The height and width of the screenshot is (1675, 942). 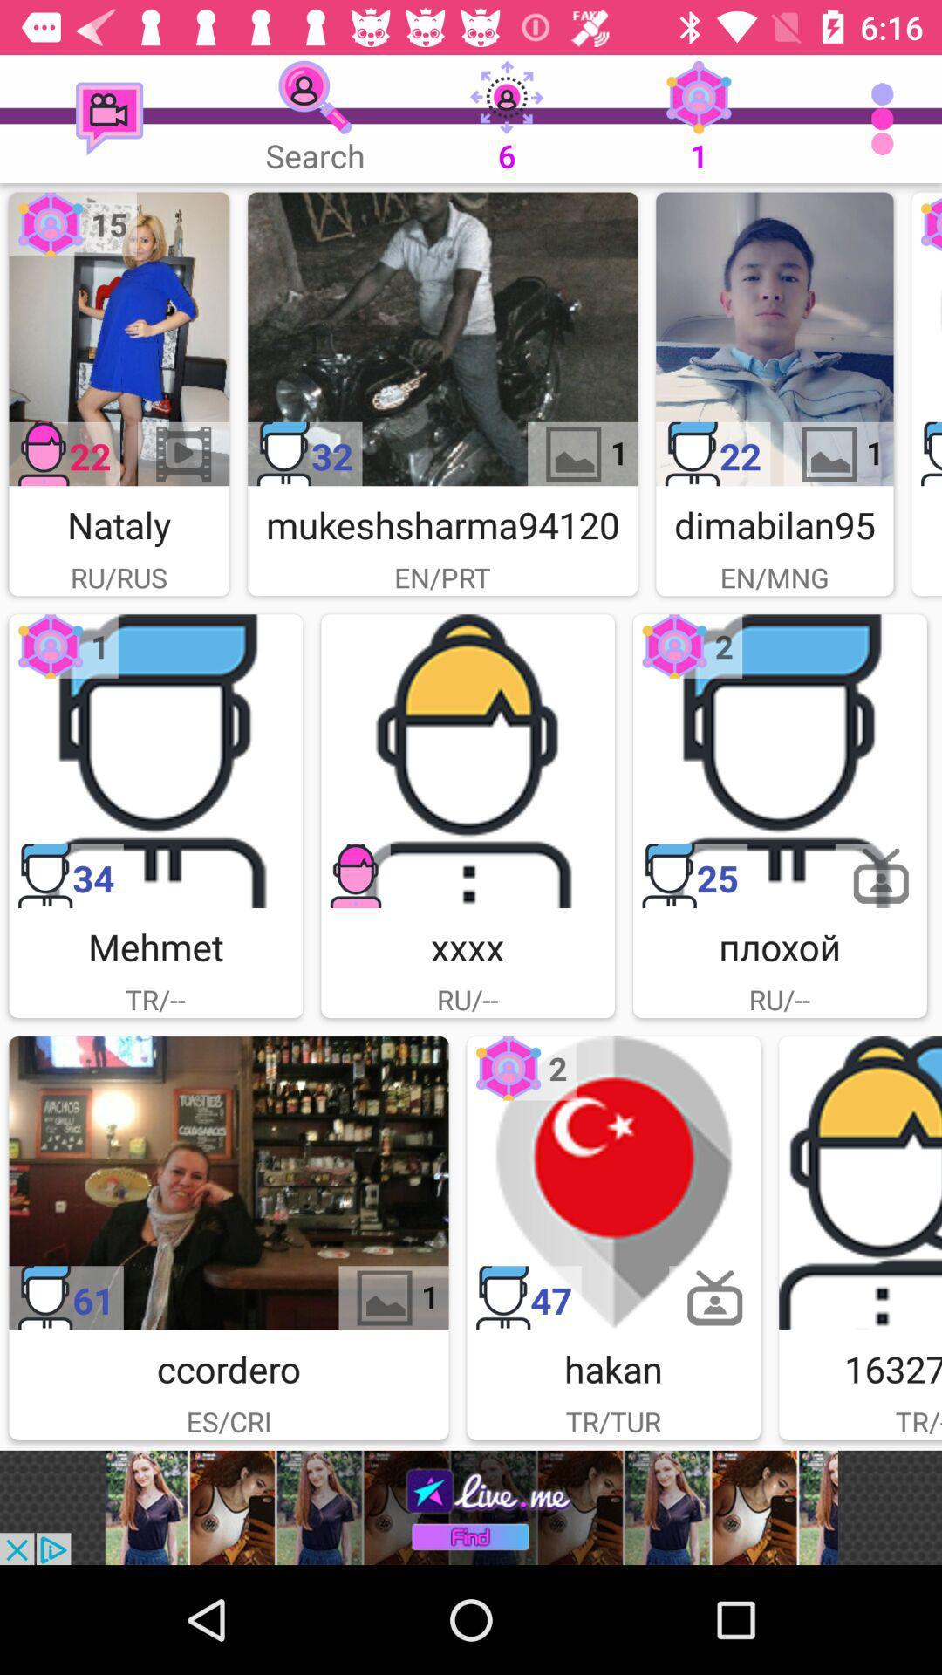 I want to click on choose avatar, so click(x=779, y=761).